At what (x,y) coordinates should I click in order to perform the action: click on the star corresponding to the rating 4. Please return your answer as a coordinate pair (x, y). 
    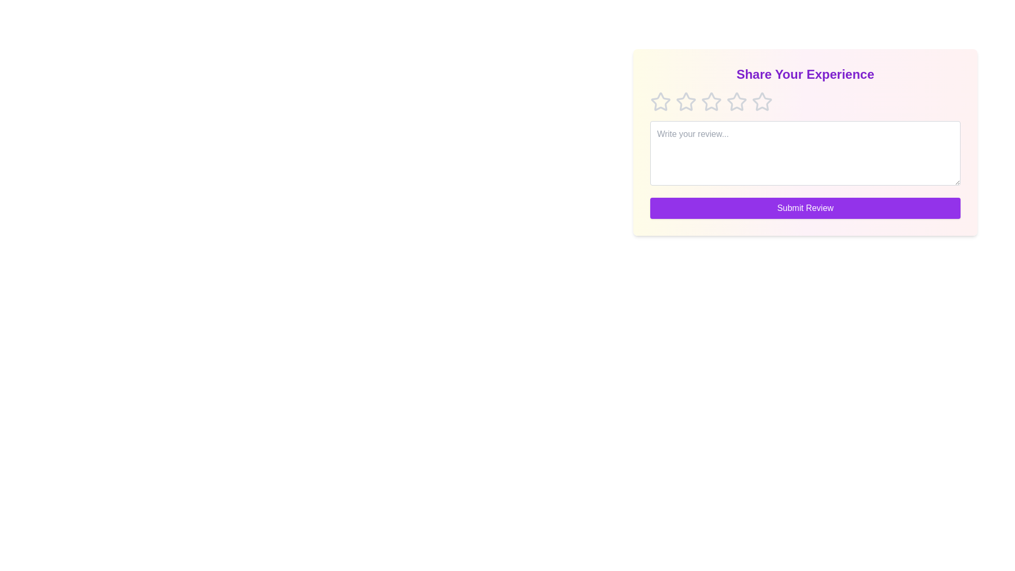
    Looking at the image, I should click on (736, 102).